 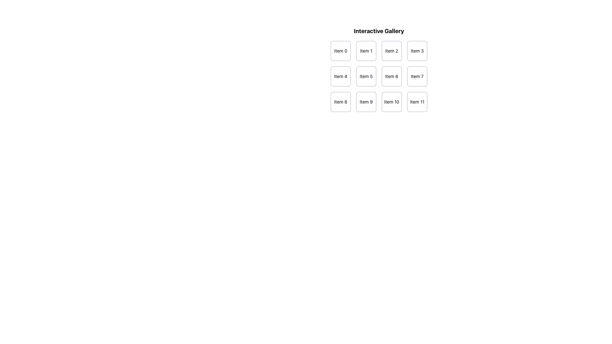 I want to click on the square-shaped interactive tile labeled 'Item 8', so click(x=340, y=102).